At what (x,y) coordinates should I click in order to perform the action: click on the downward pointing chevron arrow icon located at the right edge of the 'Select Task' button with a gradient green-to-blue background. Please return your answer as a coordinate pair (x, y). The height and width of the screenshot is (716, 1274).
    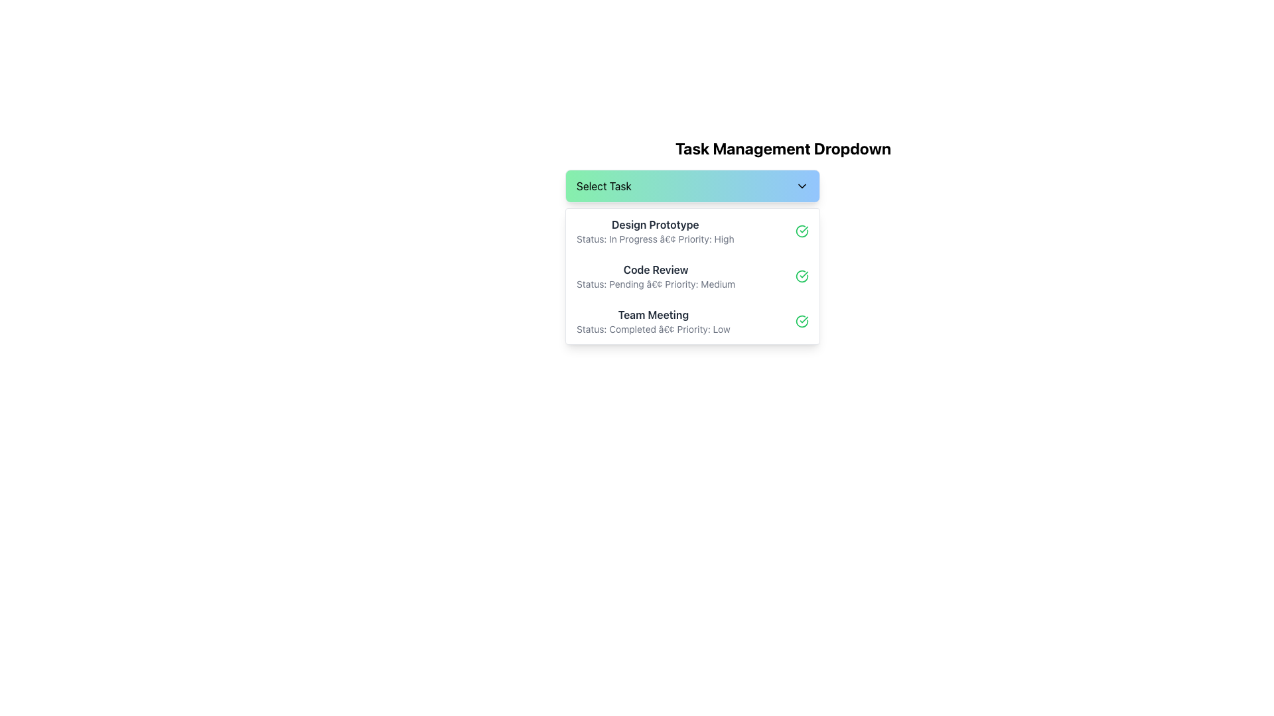
    Looking at the image, I should click on (802, 186).